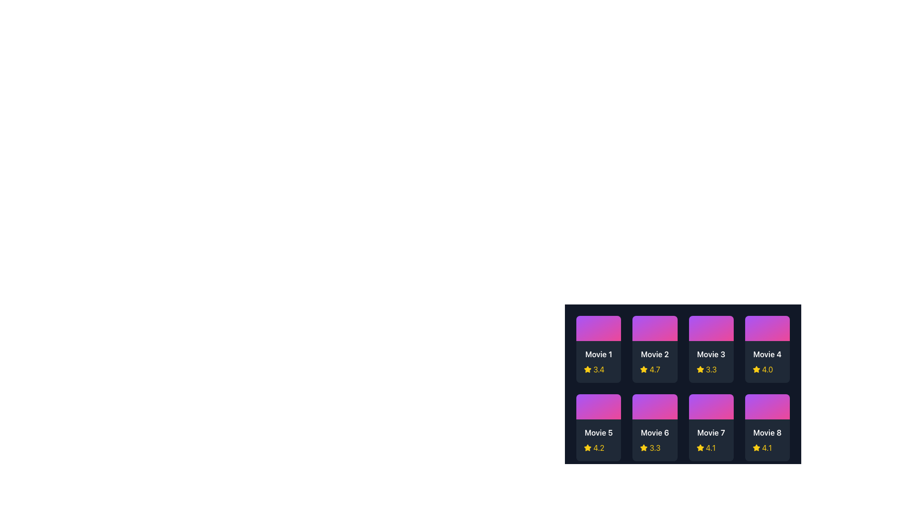 This screenshot has width=913, height=513. Describe the element at coordinates (711, 369) in the screenshot. I see `the rating element for 'Movie 3', which consists of a star icon and a numerical rating text, located in the bottom part of the grid cell` at that location.